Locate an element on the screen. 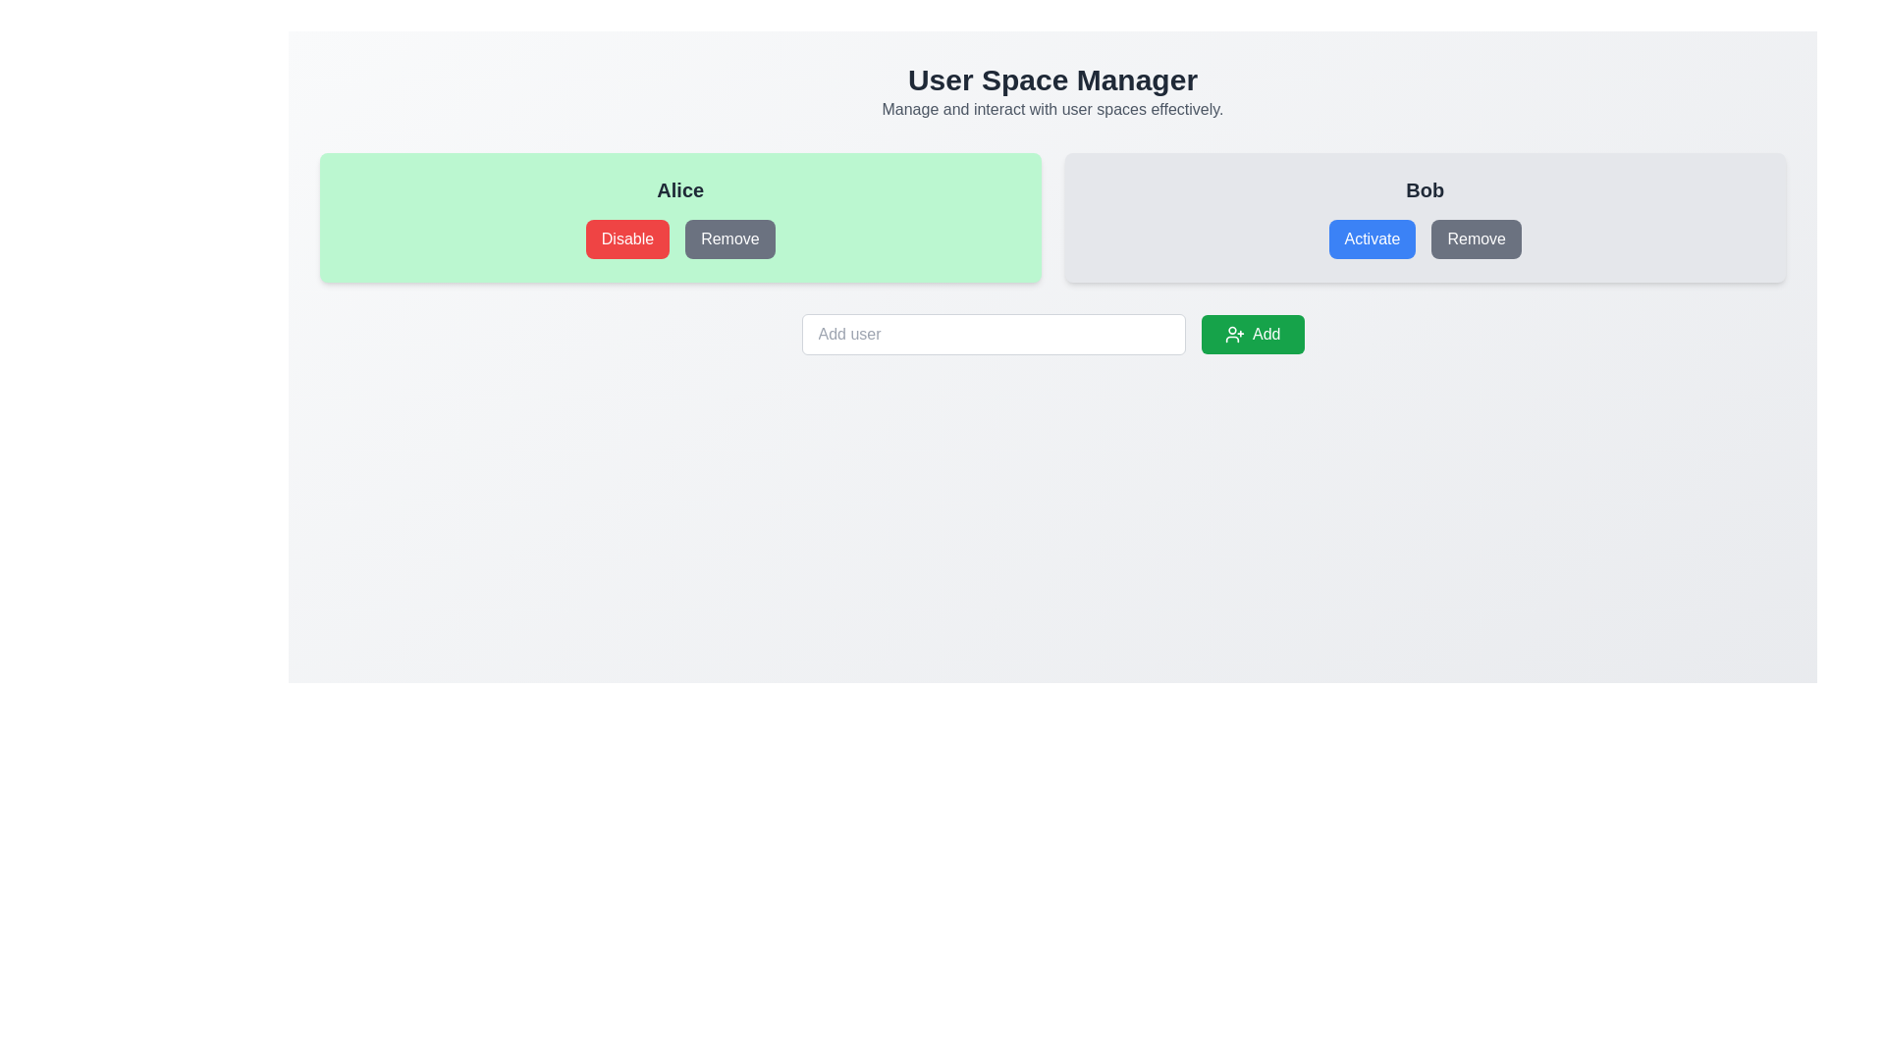 Image resolution: width=1885 pixels, height=1060 pixels. the explanatory subtitle located directly below the 'User Space Manager' heading, which provides additional context or instructions about its functionality is located at coordinates (1051, 109).